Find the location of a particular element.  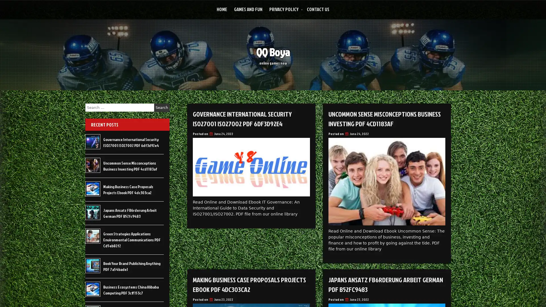

Search is located at coordinates (162, 107).